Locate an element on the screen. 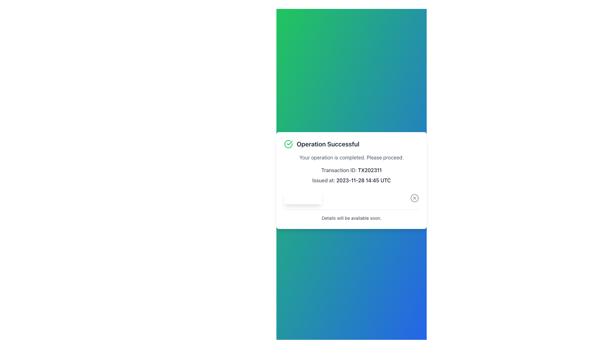 The width and height of the screenshot is (610, 343). transaction ID displayed in the static text element labeled 'Transaction ID: TX202311', which is non-interactive and presents information only is located at coordinates (370, 170).